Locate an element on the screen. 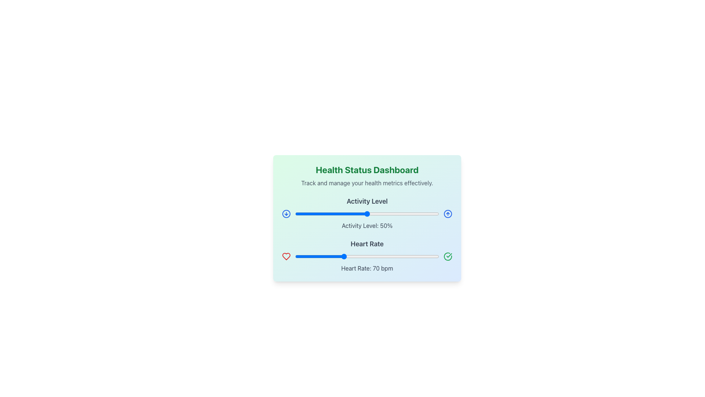 Image resolution: width=705 pixels, height=397 pixels. the informative text element that provides a motivational message about health metrics, located below the 'Health Status Dashboard' header is located at coordinates (367, 182).